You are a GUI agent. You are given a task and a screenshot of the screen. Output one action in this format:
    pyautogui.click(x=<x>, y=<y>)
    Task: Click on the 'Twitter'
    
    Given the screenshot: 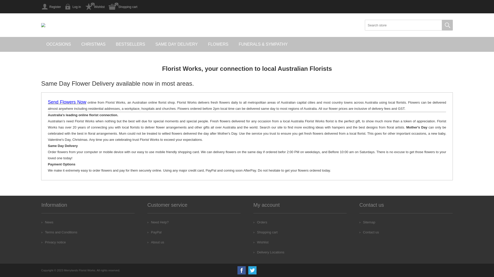 What is the action you would take?
    pyautogui.click(x=252, y=270)
    